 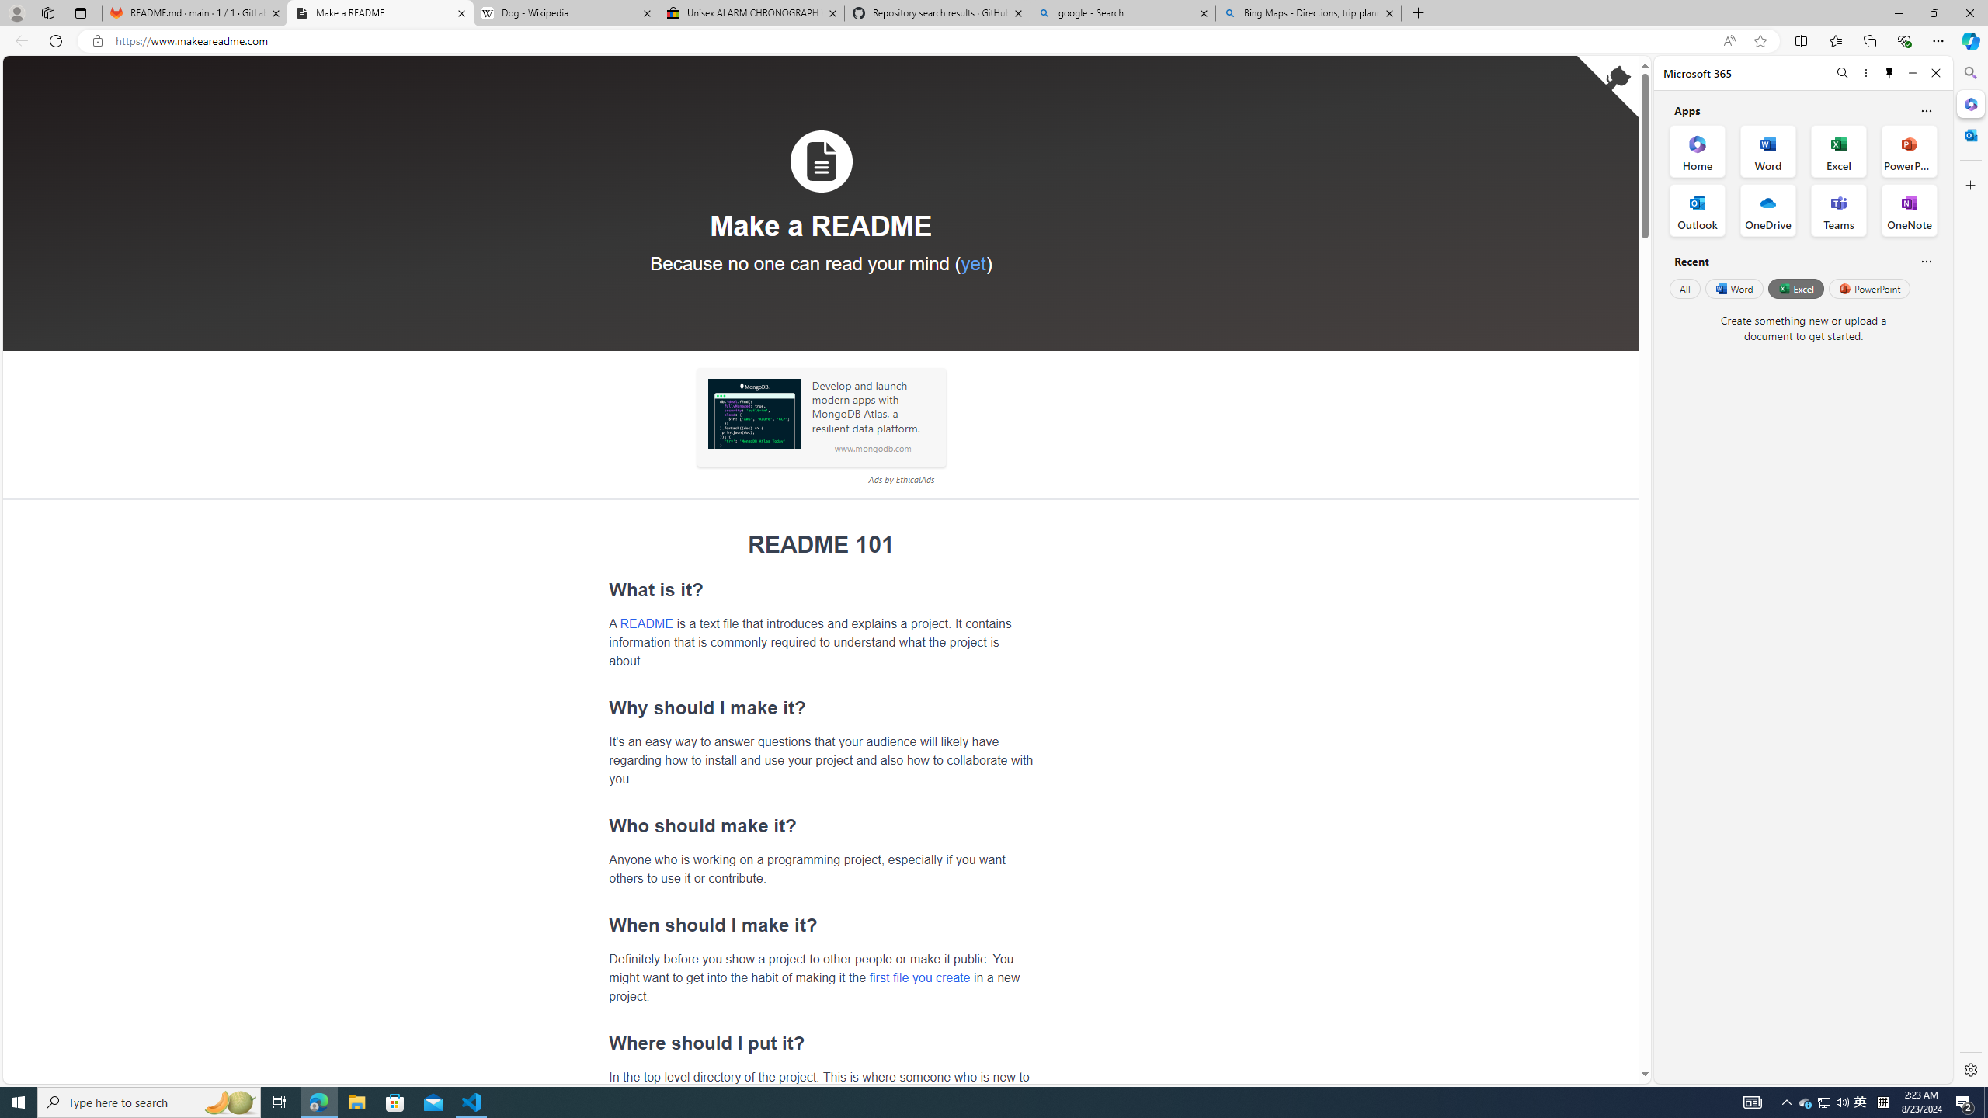 I want to click on 'Teams Office App', so click(x=1839, y=210).